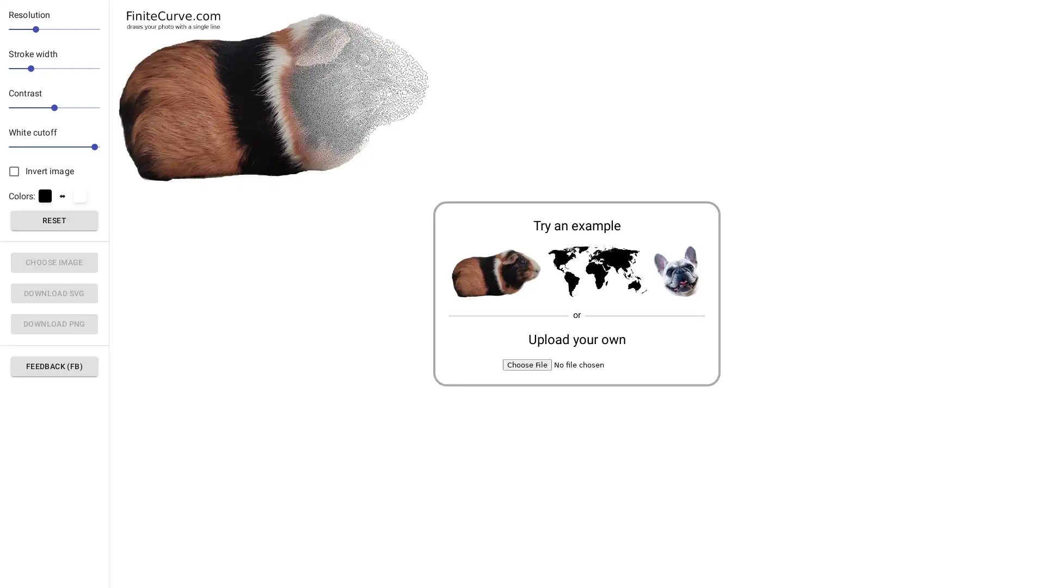  What do you see at coordinates (678, 272) in the screenshot?
I see `I've heard humans say it's a doggy dog world, and I couldn't agree more.` at bounding box center [678, 272].